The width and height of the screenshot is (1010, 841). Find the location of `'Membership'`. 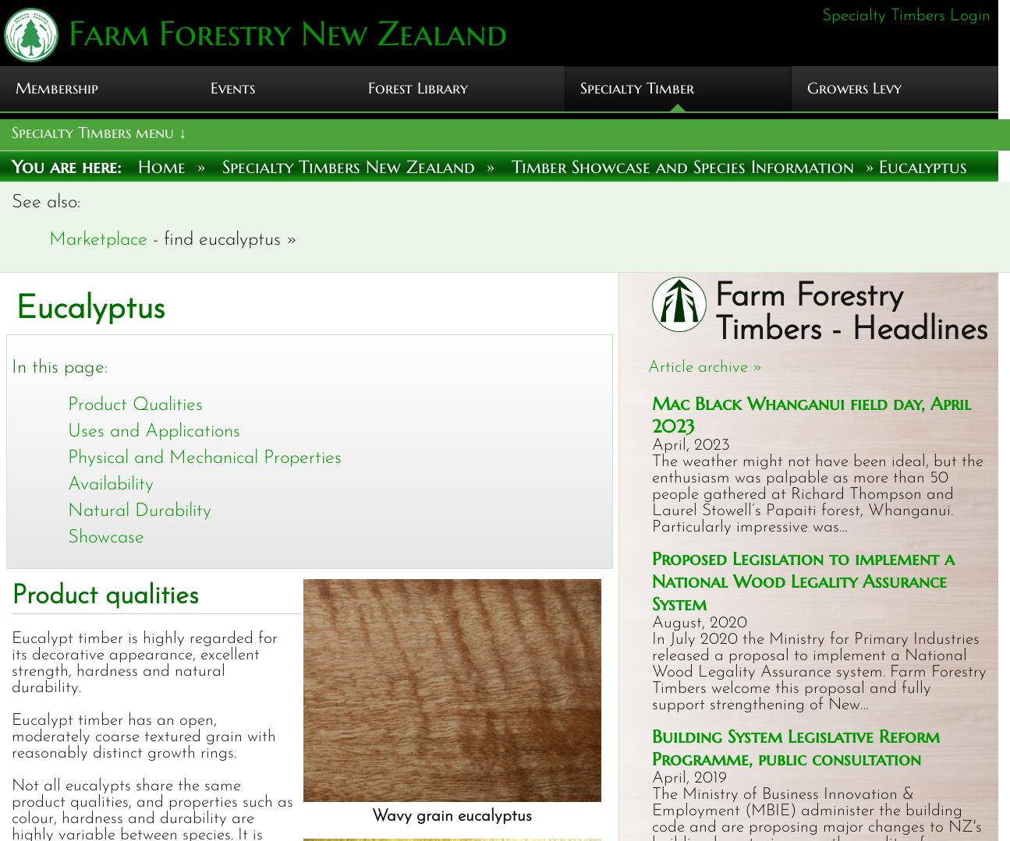

'Membership' is located at coordinates (56, 88).